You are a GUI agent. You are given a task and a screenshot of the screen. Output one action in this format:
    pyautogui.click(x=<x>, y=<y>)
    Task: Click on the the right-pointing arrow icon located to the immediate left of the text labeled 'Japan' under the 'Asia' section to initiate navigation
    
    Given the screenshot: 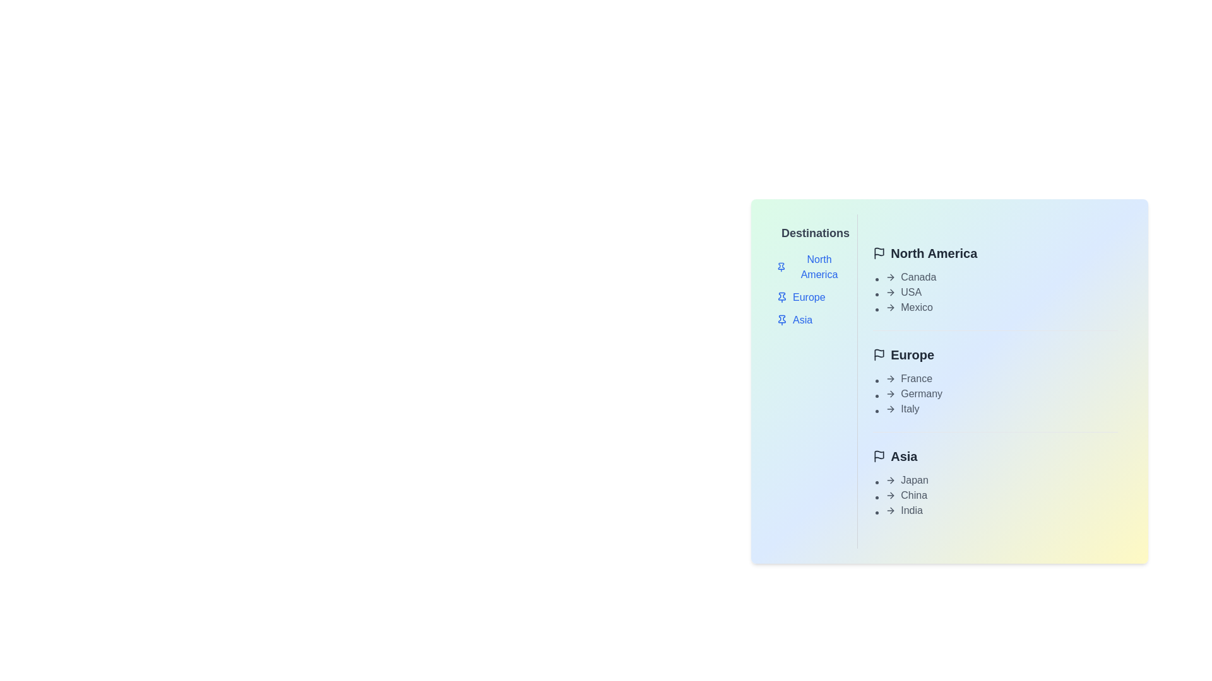 What is the action you would take?
    pyautogui.click(x=890, y=480)
    